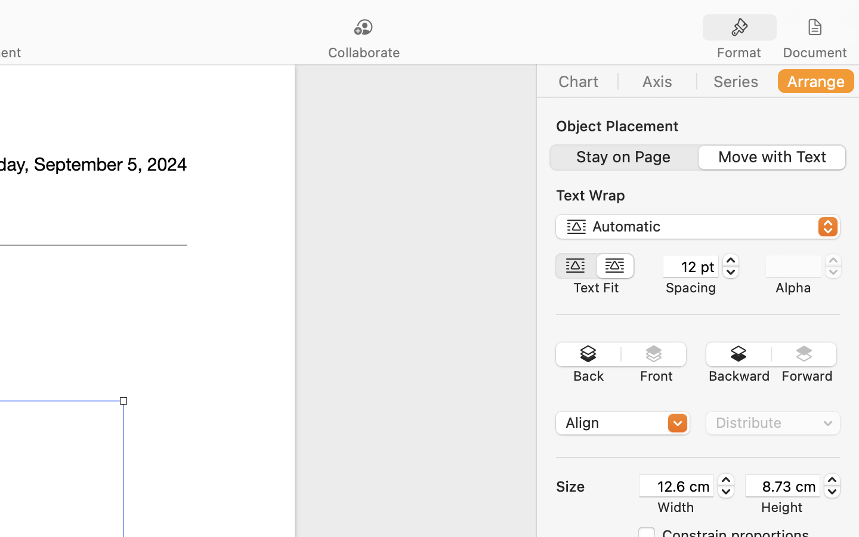 This screenshot has width=859, height=537. Describe the element at coordinates (676, 485) in the screenshot. I see `'12.6 cm'` at that location.